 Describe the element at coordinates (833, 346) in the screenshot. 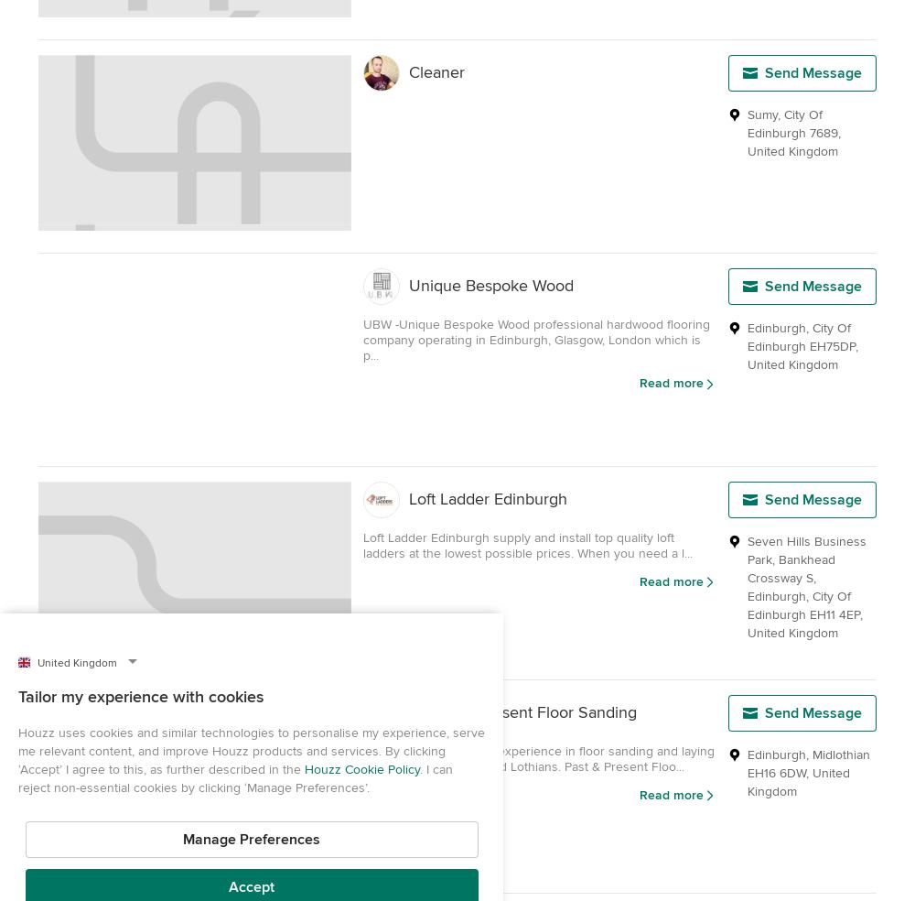

I see `'EH75DP'` at that location.